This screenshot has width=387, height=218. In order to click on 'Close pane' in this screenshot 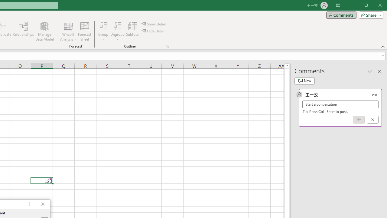, I will do `click(379, 71)`.